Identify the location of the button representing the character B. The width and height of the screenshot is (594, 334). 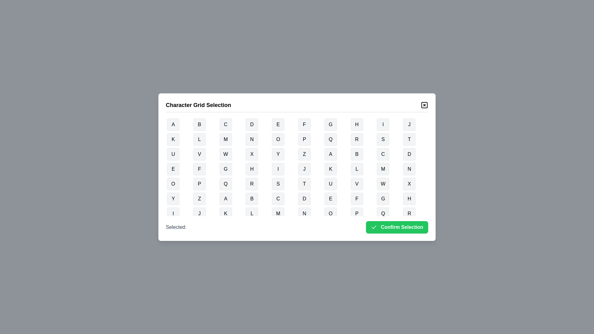
(199, 124).